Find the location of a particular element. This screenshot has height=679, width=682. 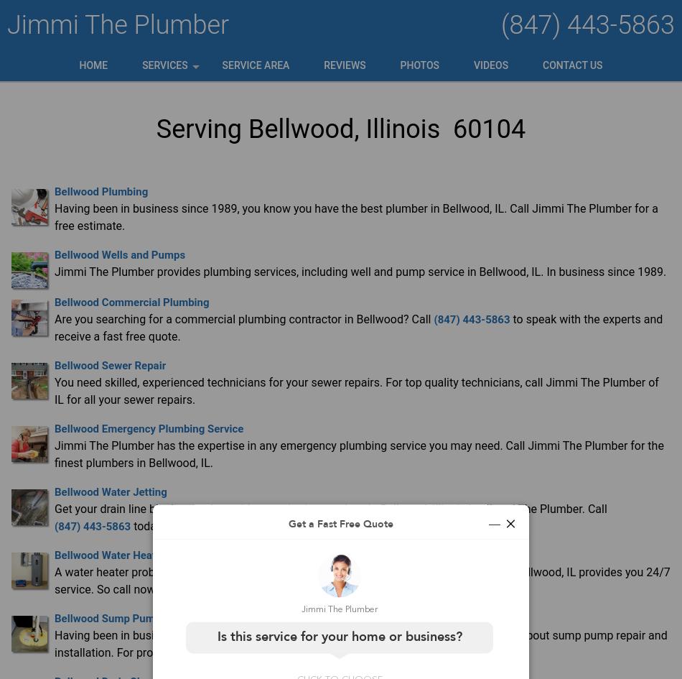

'Bellwood Emergency Plumbing Service' is located at coordinates (55, 428).